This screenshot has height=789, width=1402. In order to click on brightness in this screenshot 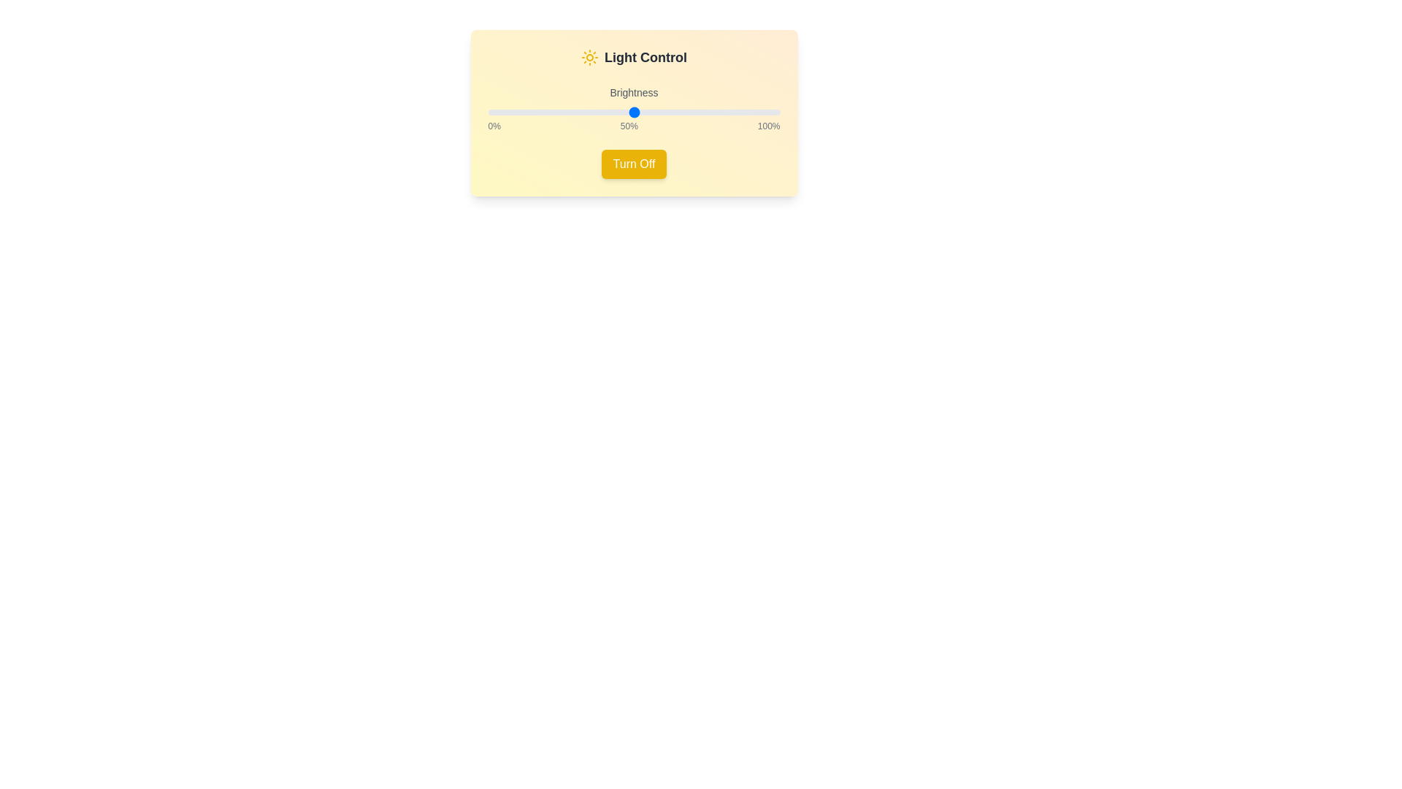, I will do `click(656, 112)`.